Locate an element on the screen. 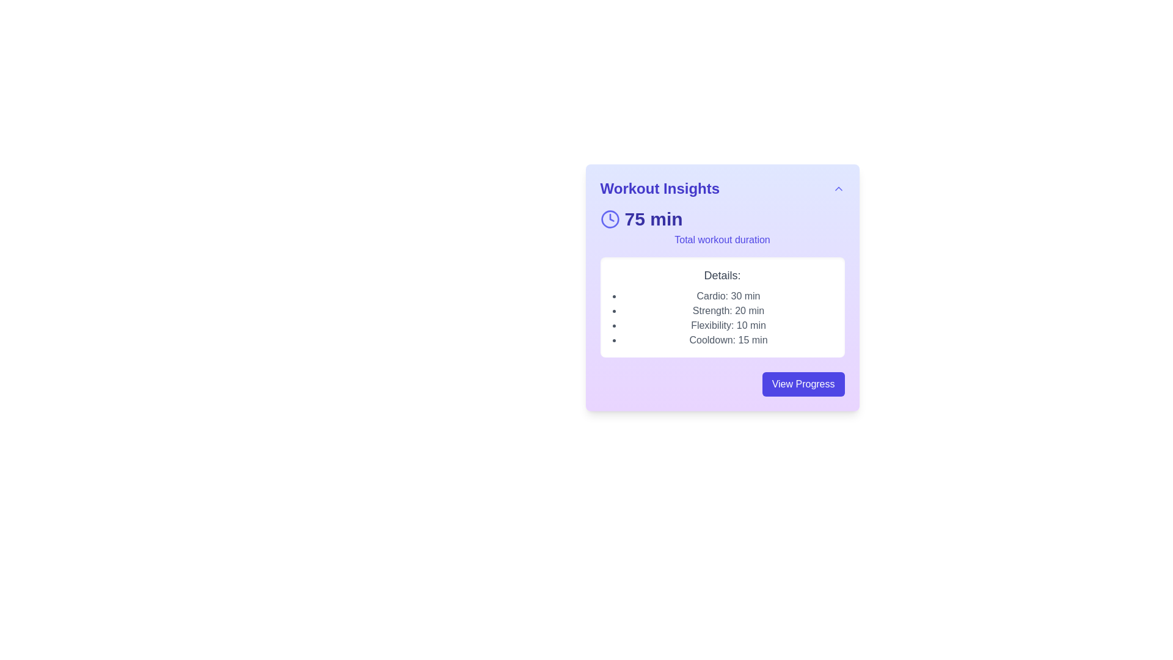  the Information Panel that provides detailed information about the workout session, categorized by activities and durations, located below '75 min Total workout duration' and above the 'View Progress' button is located at coordinates (722, 306).